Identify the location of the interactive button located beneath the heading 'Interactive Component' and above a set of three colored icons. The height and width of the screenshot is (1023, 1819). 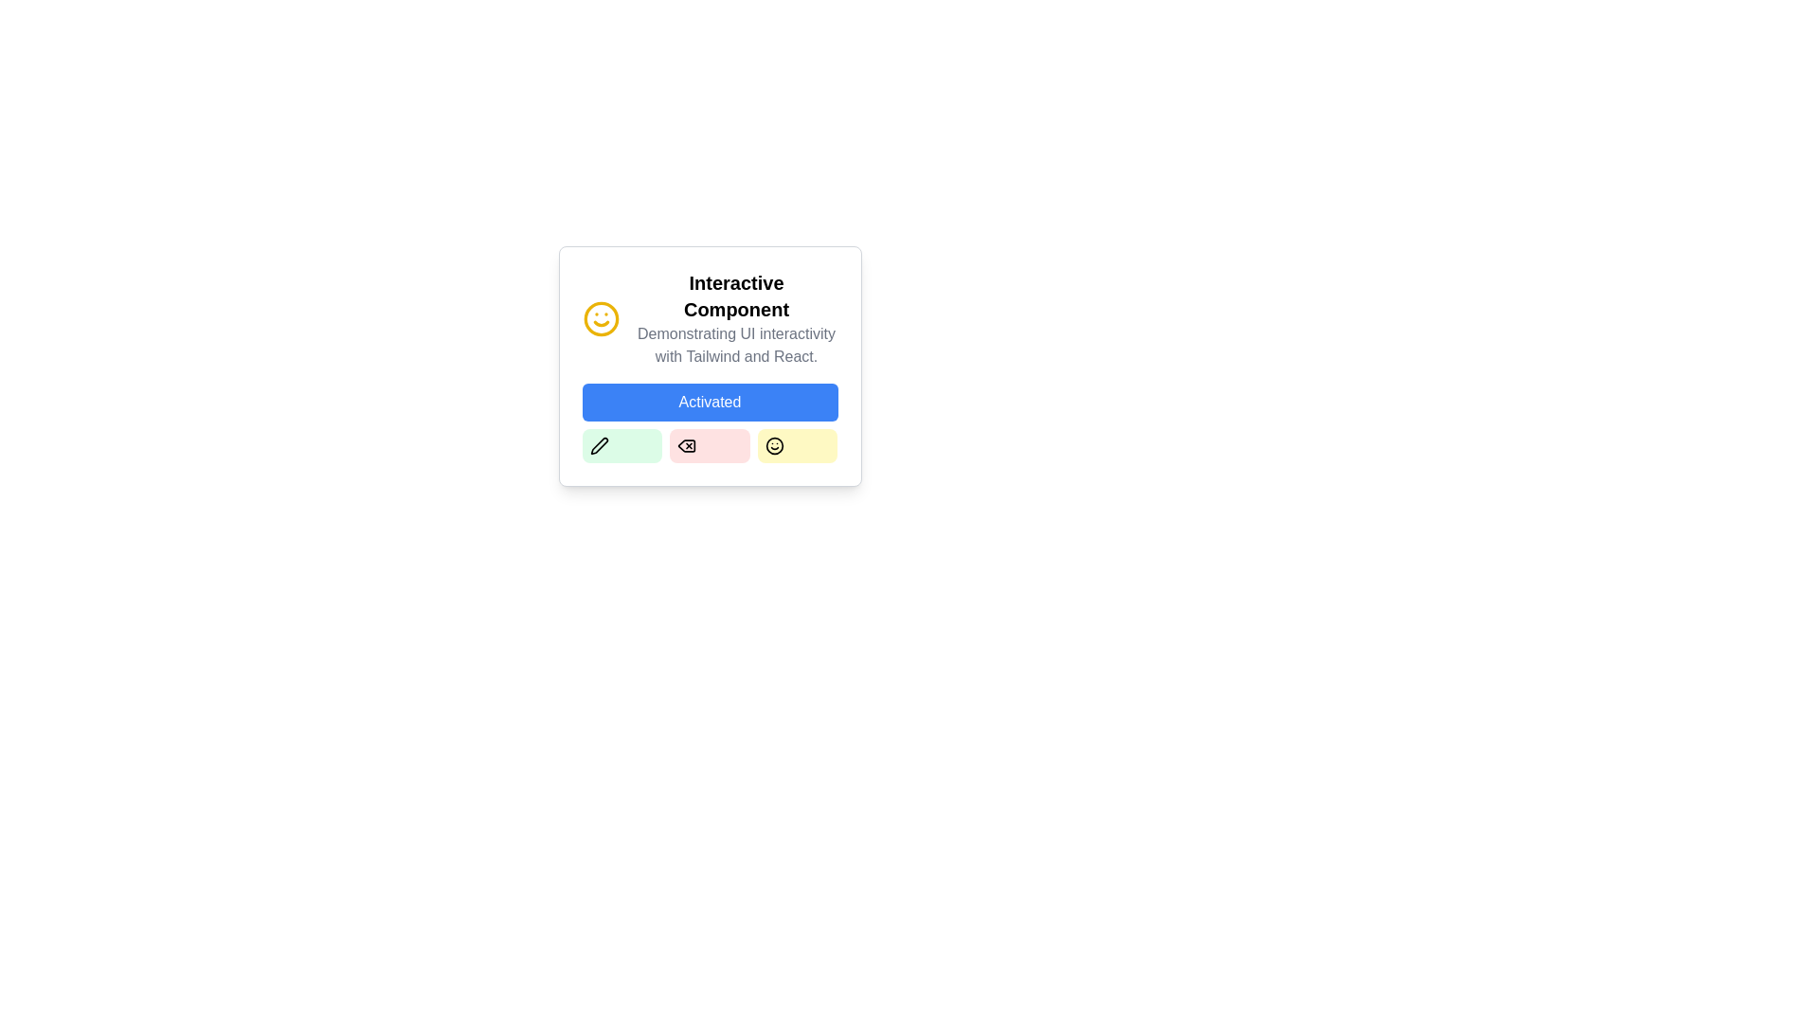
(709, 401).